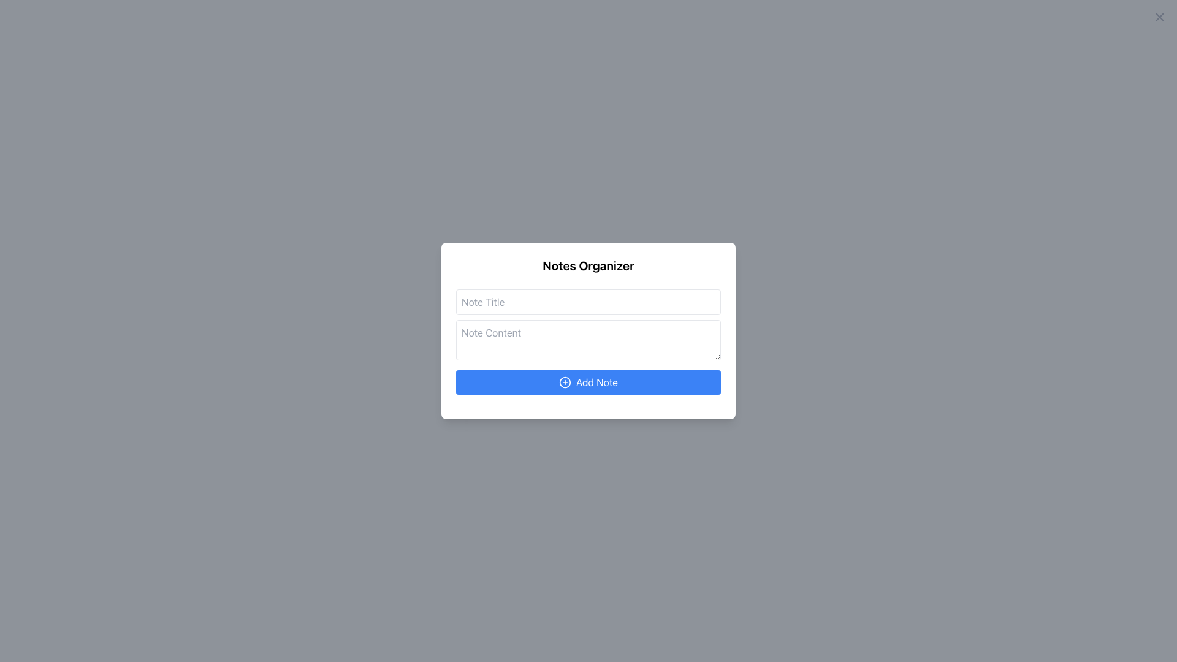 The height and width of the screenshot is (662, 1177). What do you see at coordinates (564, 382) in the screenshot?
I see `the central circle of the '+' symbol icon within the blue 'Add Note' button in the 'Notes Organizer' modal` at bounding box center [564, 382].